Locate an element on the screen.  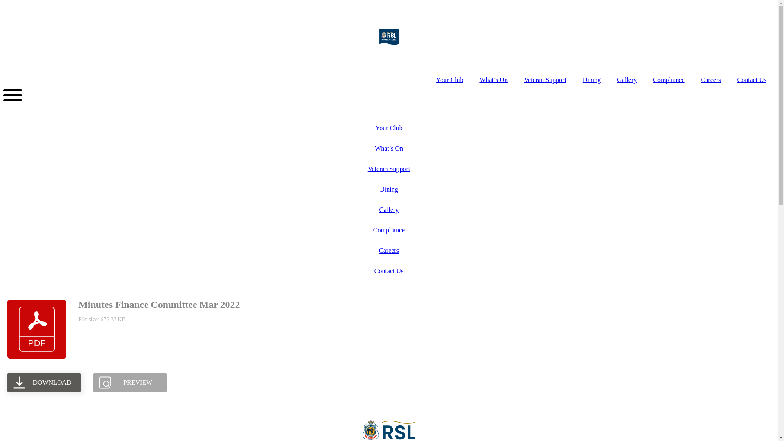
'DOWNLOAD' is located at coordinates (43, 383).